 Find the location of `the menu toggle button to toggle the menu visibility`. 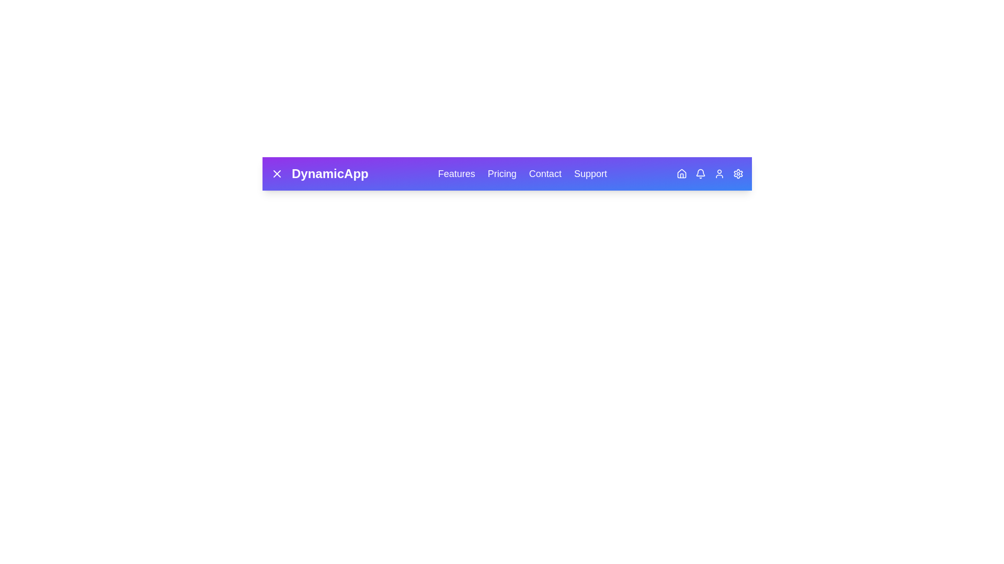

the menu toggle button to toggle the menu visibility is located at coordinates (277, 173).